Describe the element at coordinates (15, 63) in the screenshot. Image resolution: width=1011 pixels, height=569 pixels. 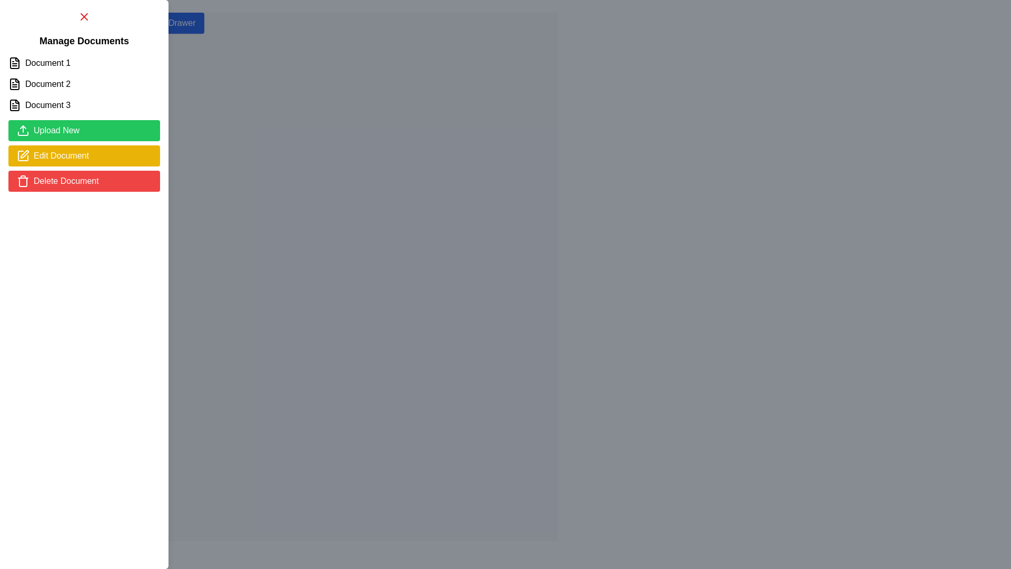
I see `the icon representing 'Document 1' located at the top-left corner of the sidebar under 'Manage Documents'` at that location.